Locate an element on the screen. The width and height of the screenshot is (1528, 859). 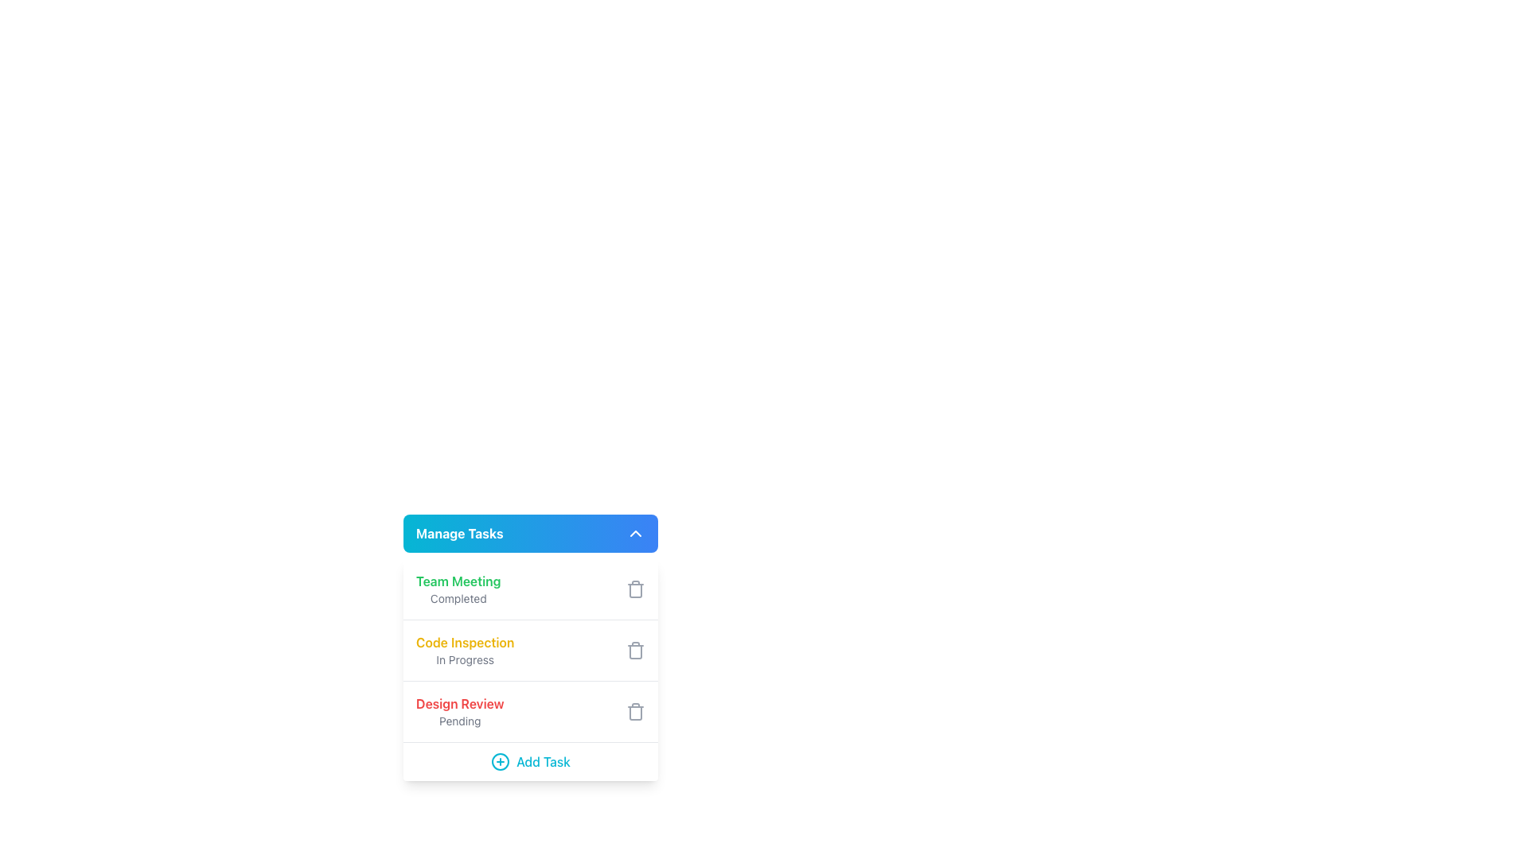
the trash icon located at the far right of the 'Code Inspection' row is located at coordinates (634, 650).